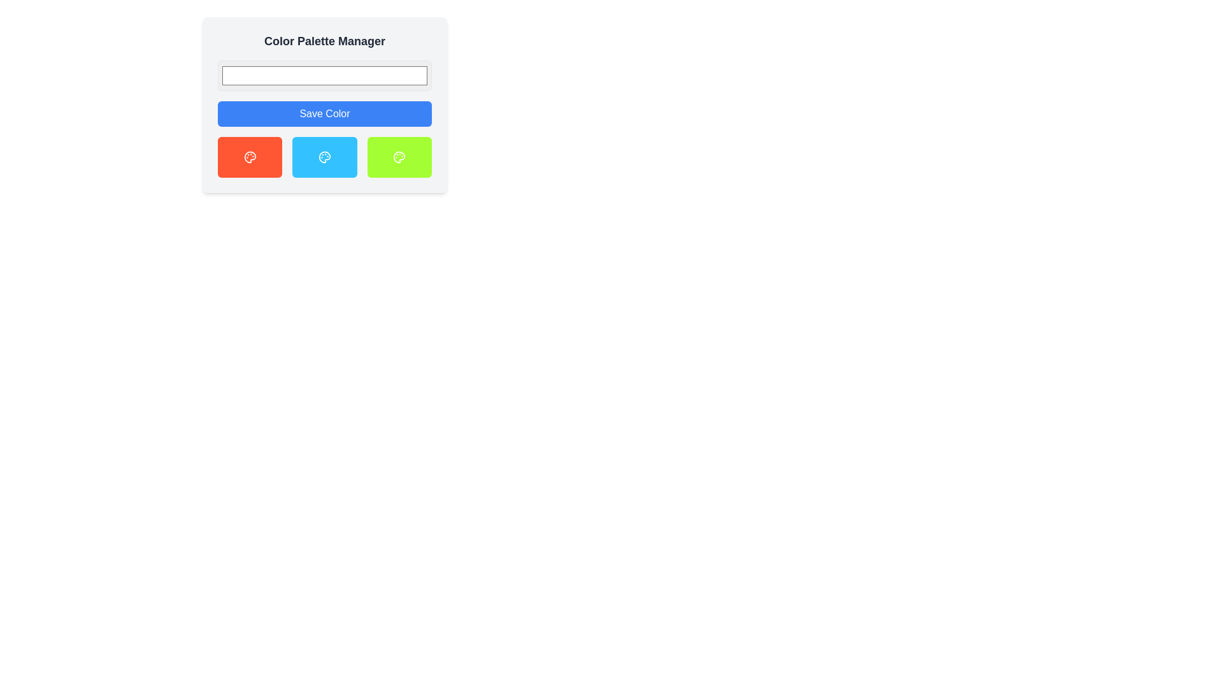 The image size is (1223, 688). I want to click on the third selectable item representing a green color option in the palette manager, so click(399, 156).